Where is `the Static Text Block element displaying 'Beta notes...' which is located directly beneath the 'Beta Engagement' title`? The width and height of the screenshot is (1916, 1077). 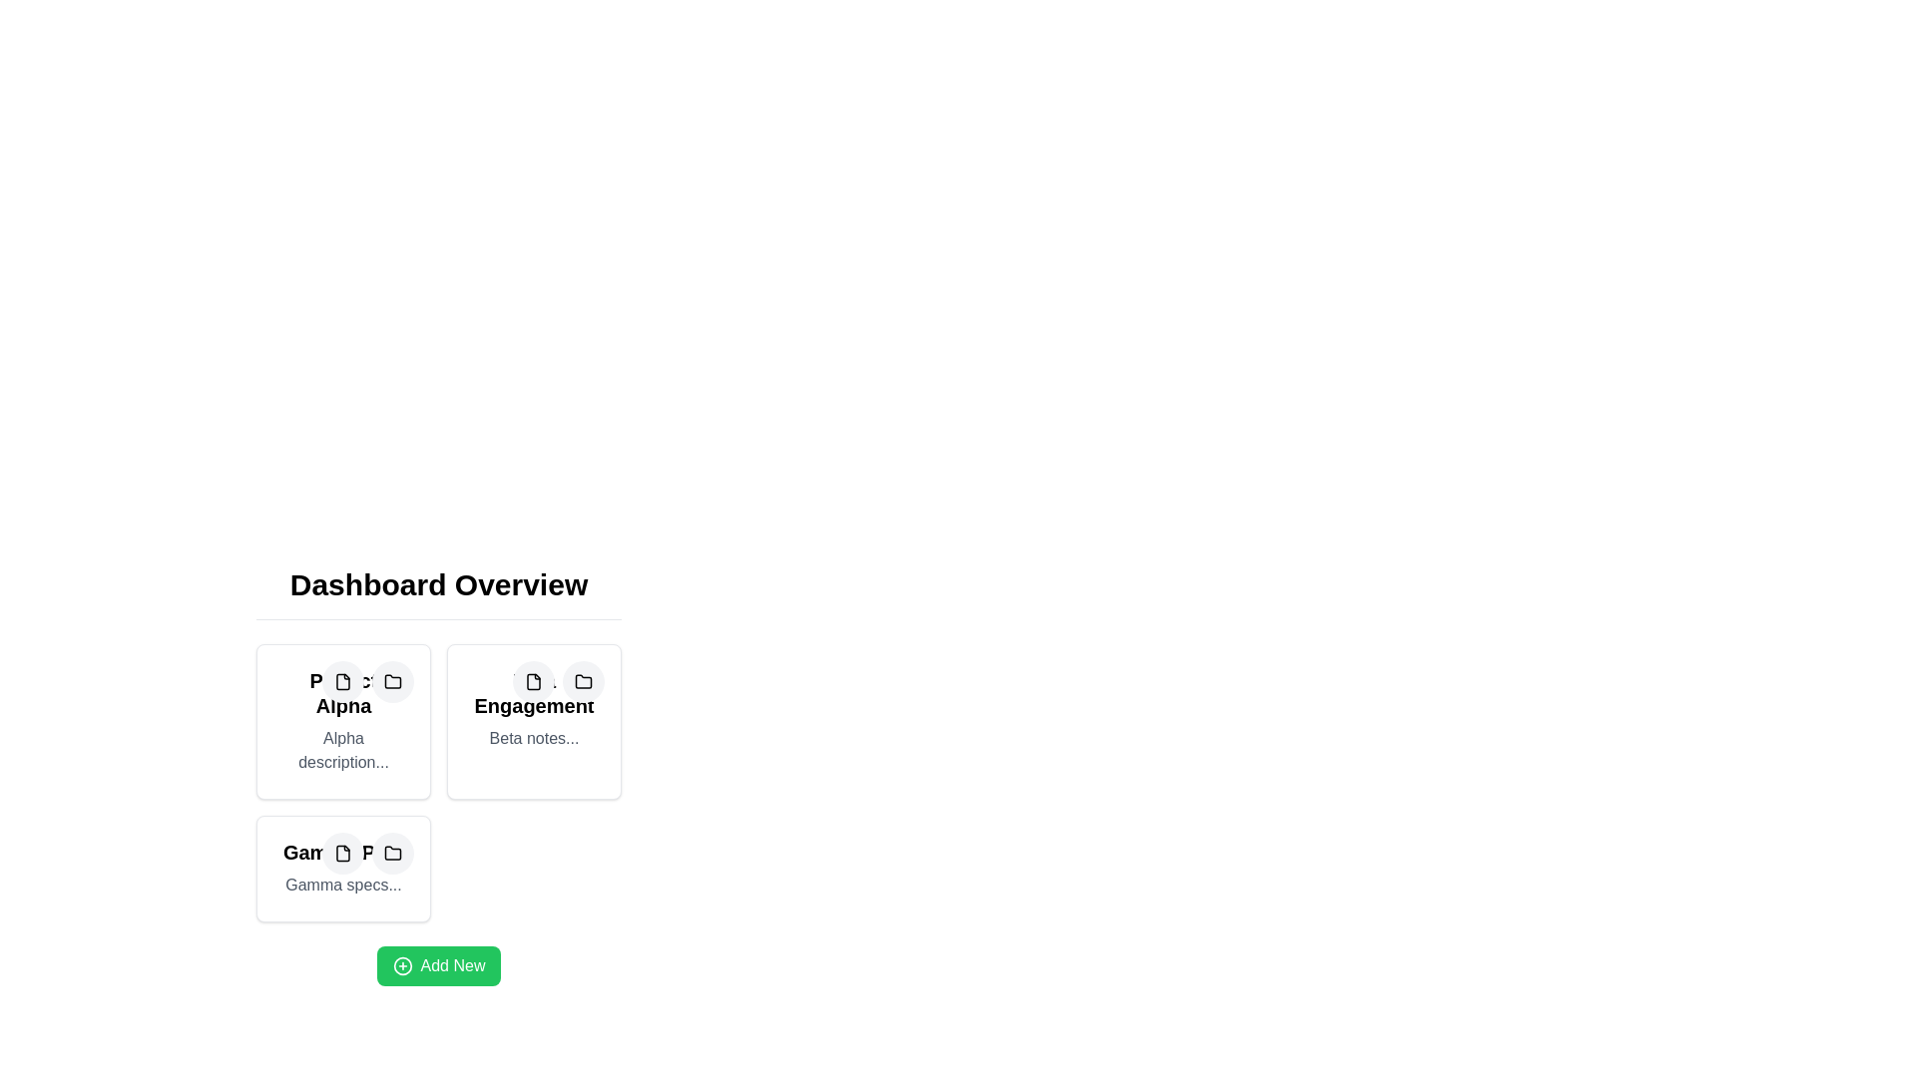 the Static Text Block element displaying 'Beta notes...' which is located directly beneath the 'Beta Engagement' title is located at coordinates (534, 738).